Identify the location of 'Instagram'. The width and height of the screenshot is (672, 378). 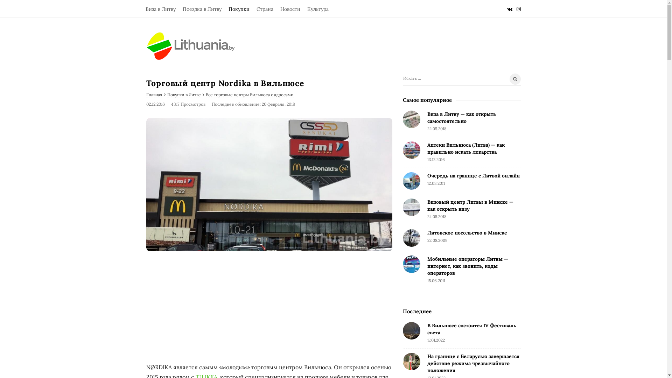
(519, 8).